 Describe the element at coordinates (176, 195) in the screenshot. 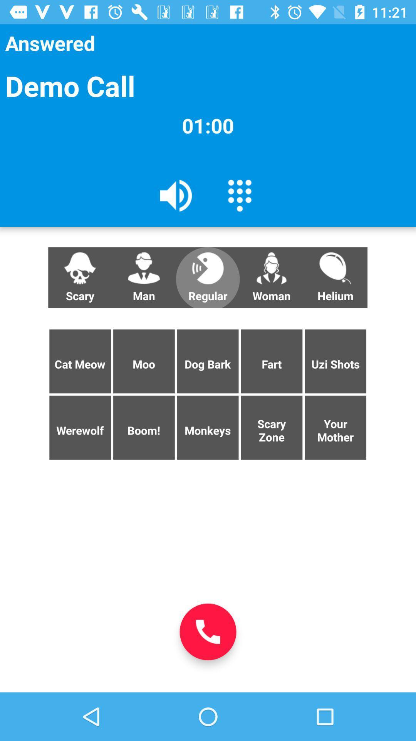

I see `the icon above man icon` at that location.